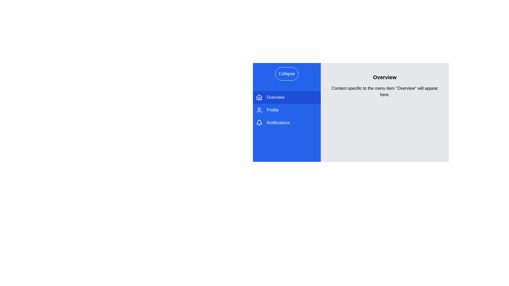 The height and width of the screenshot is (286, 509). What do you see at coordinates (286, 123) in the screenshot?
I see `the 'Notifications' menu item in the left navigation panel, which has a blue background and white text with a bell icon` at bounding box center [286, 123].